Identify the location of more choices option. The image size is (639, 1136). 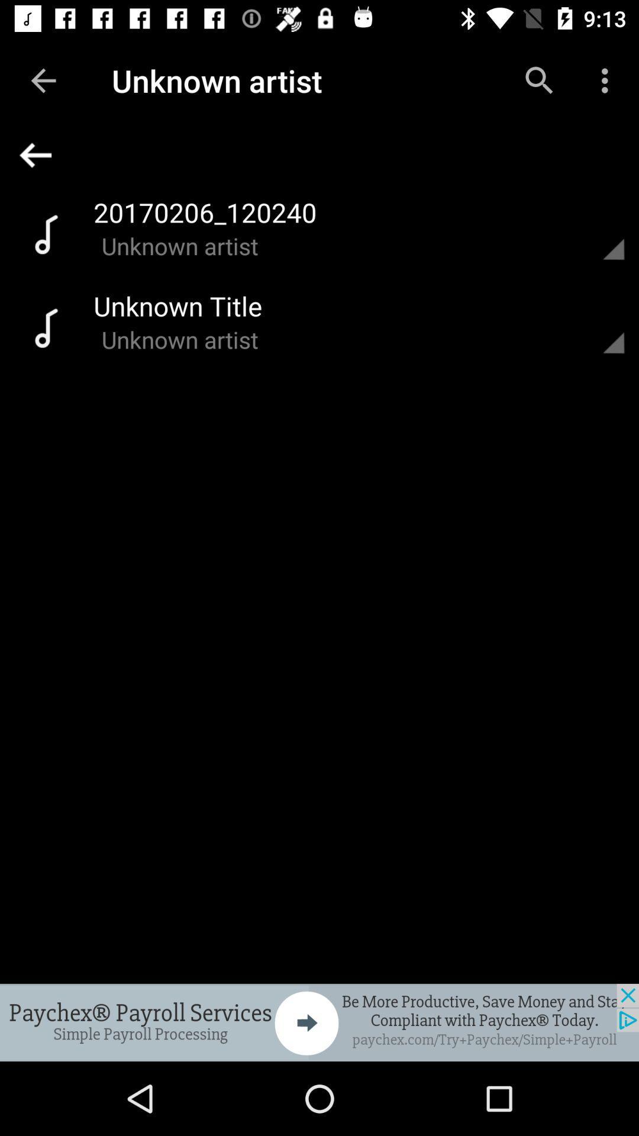
(599, 233).